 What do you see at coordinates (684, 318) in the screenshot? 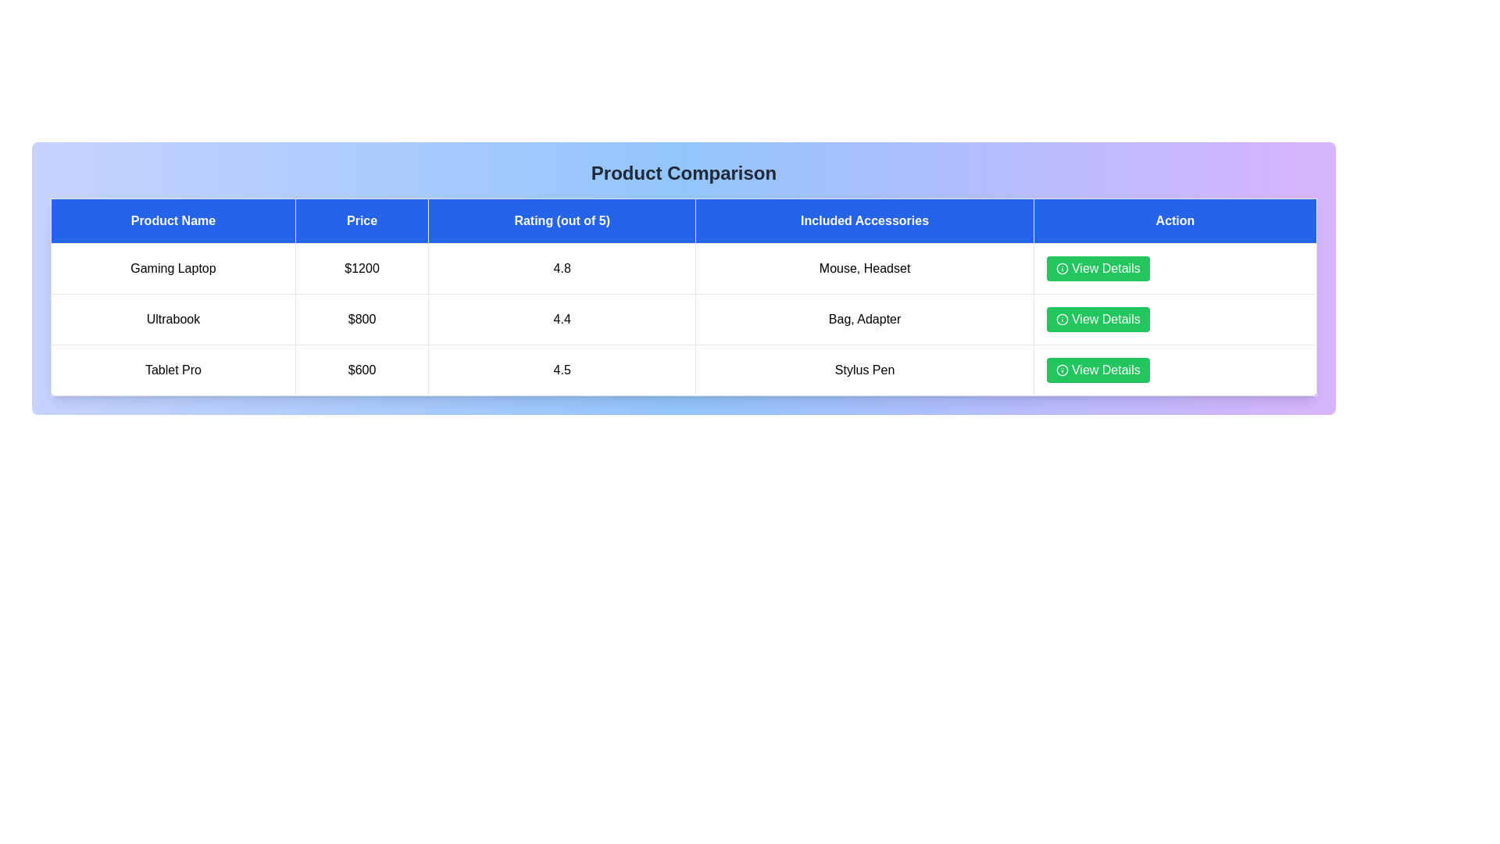
I see `the row corresponding to Ultrabook` at bounding box center [684, 318].